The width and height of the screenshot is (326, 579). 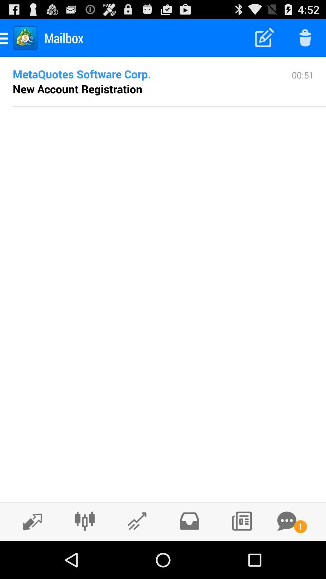 I want to click on the item next to 00:51 icon, so click(x=77, y=88).